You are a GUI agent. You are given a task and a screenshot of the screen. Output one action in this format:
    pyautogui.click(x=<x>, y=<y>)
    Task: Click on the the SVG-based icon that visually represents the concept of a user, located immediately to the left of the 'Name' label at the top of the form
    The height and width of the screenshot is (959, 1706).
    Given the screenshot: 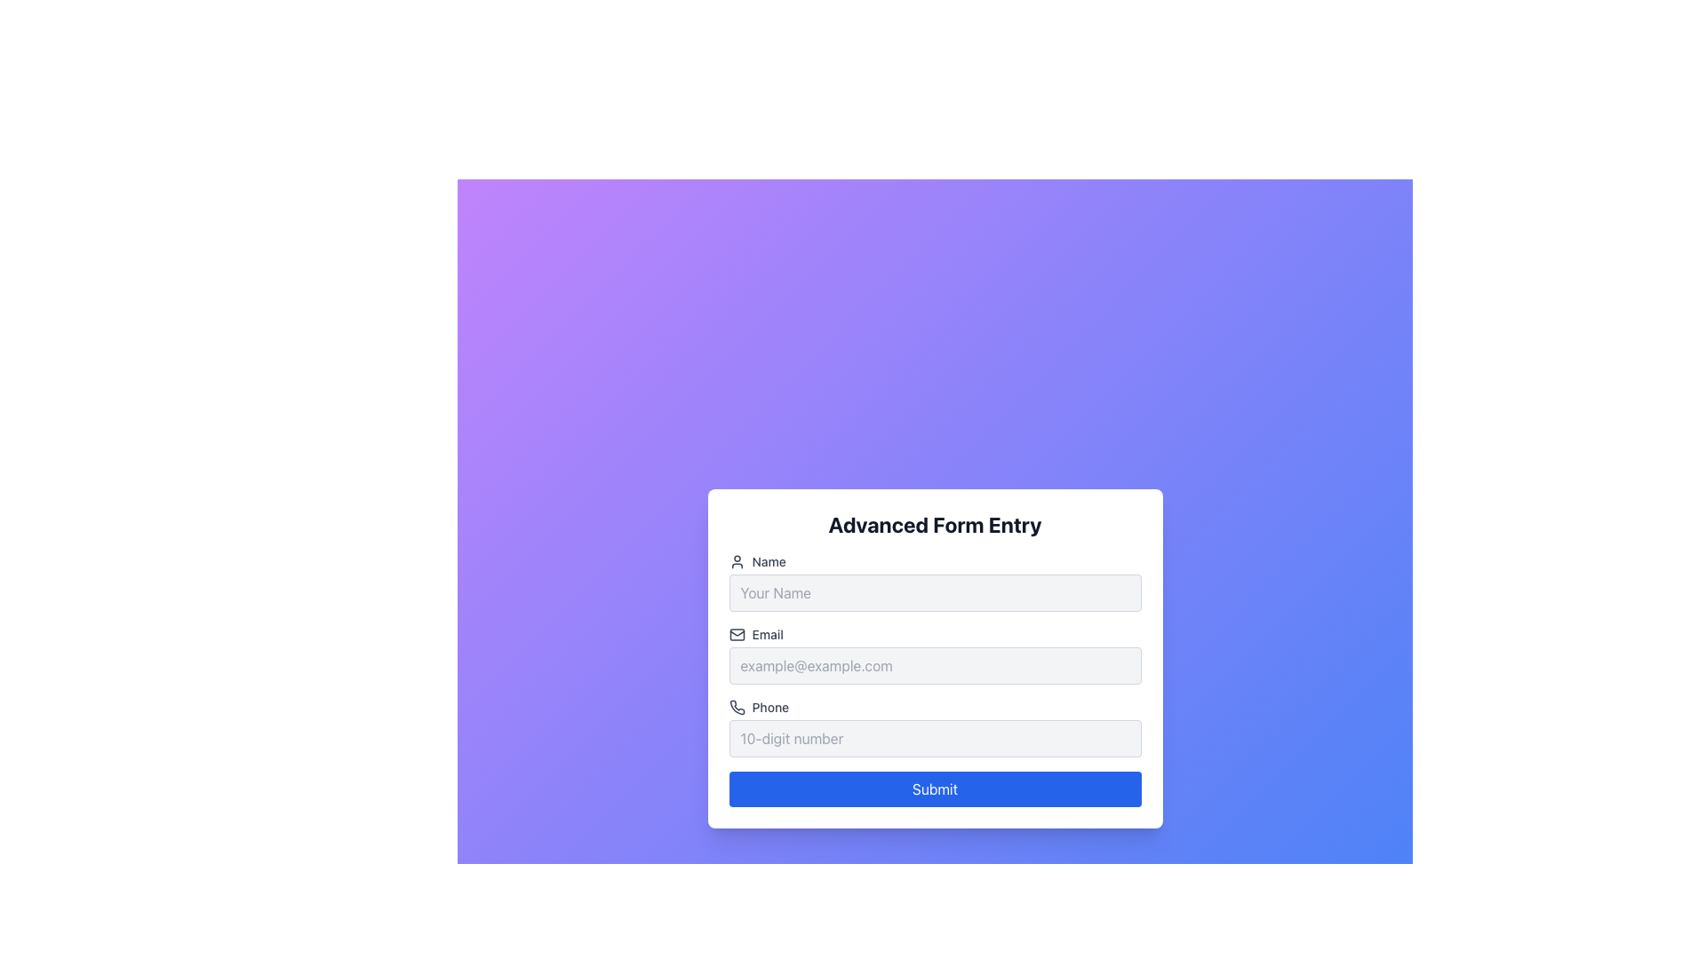 What is the action you would take?
    pyautogui.click(x=737, y=561)
    